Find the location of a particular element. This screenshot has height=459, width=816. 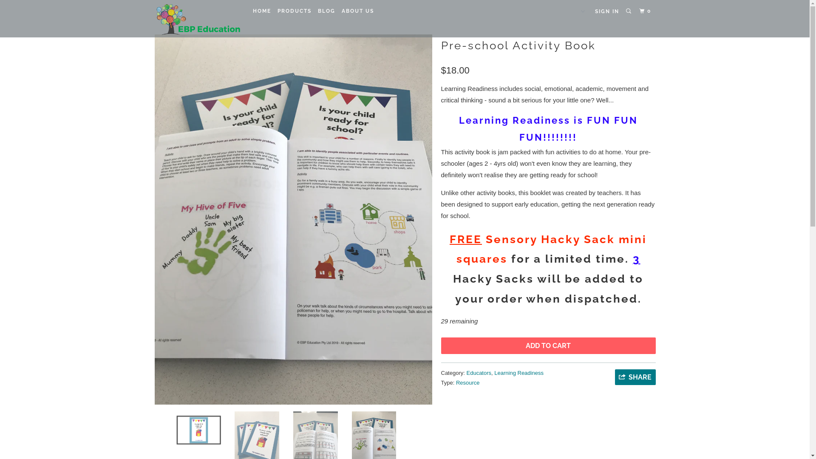

'ADD TO CART' is located at coordinates (548, 346).